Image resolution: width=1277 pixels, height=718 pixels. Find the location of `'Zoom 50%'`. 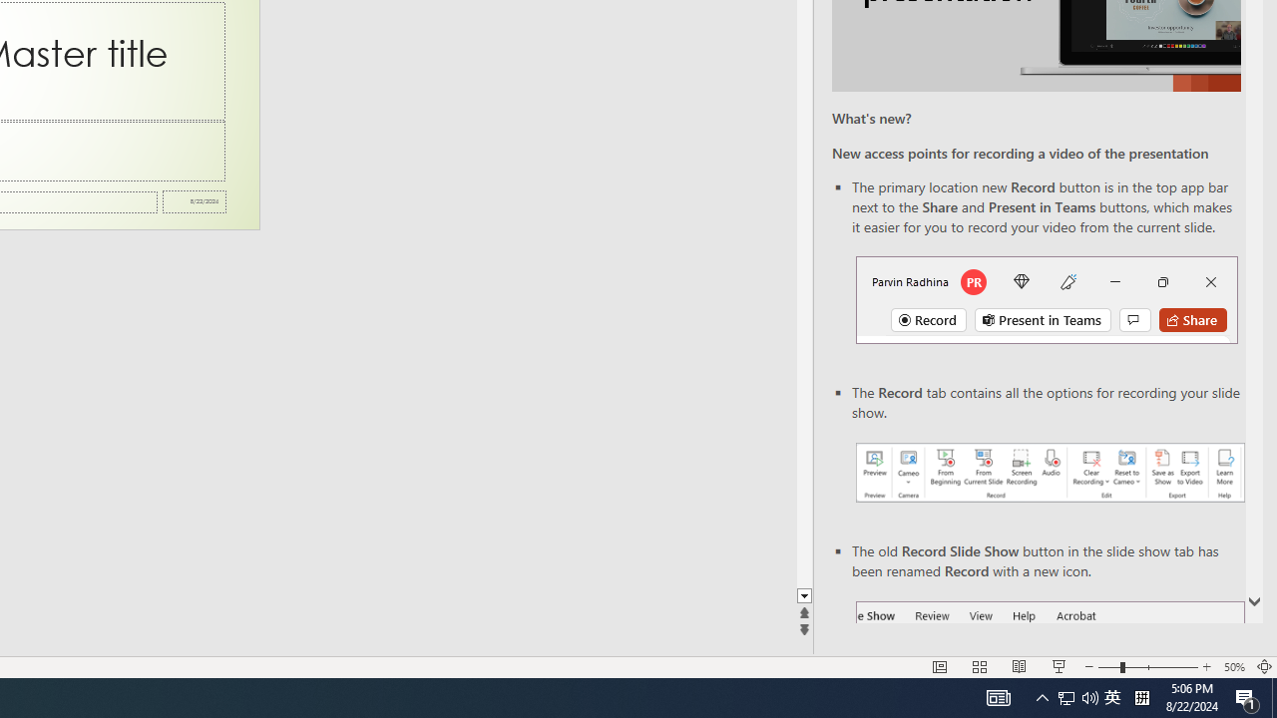

'Zoom 50%' is located at coordinates (1233, 667).